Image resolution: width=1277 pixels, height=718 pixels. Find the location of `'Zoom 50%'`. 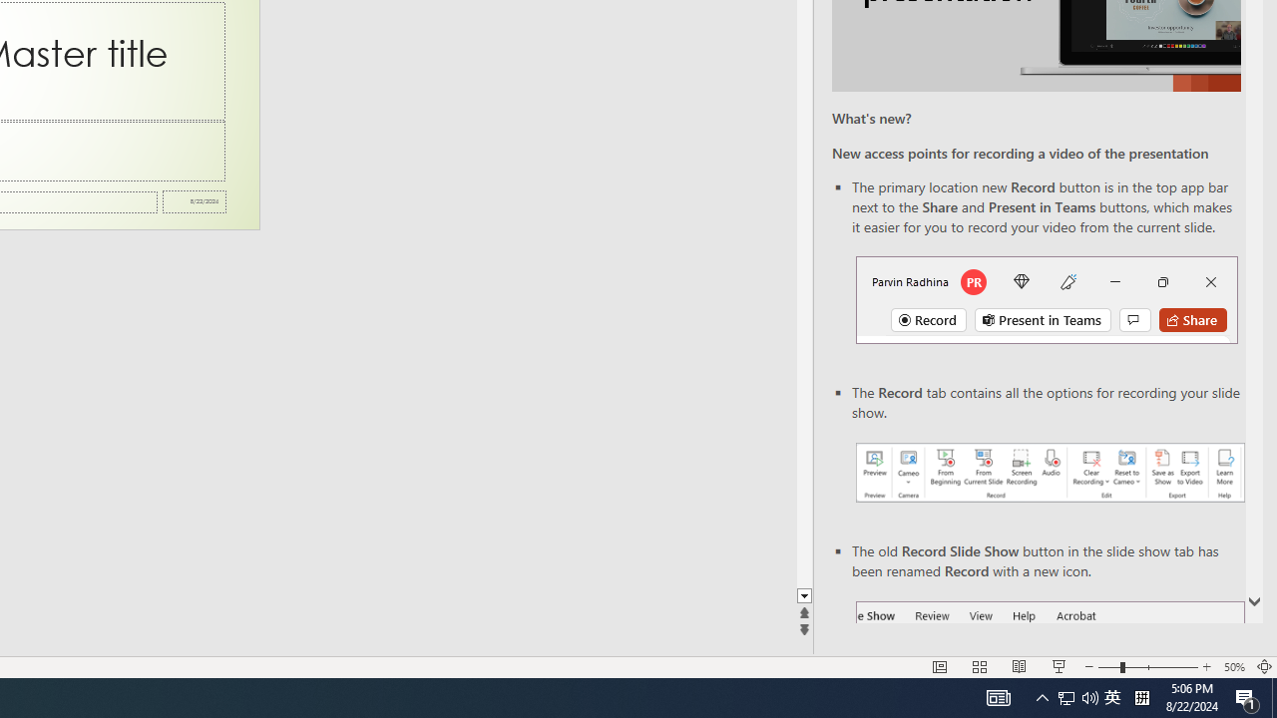

'Zoom 50%' is located at coordinates (1233, 667).